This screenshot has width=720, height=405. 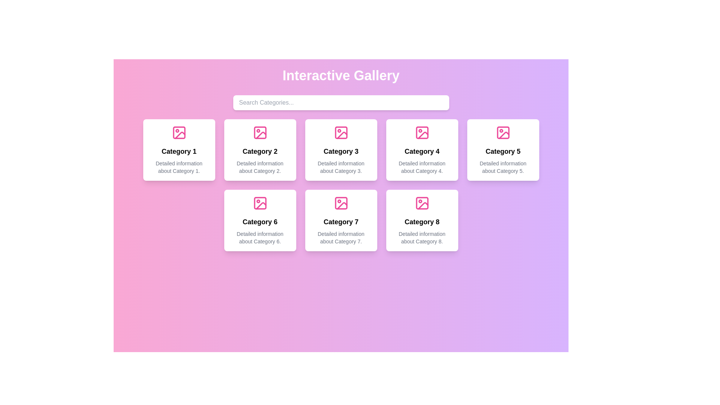 I want to click on the 'Category 5' label, which is styled in bold and centered within its card, located in the second row and second column of the grid layout, so click(x=503, y=151).